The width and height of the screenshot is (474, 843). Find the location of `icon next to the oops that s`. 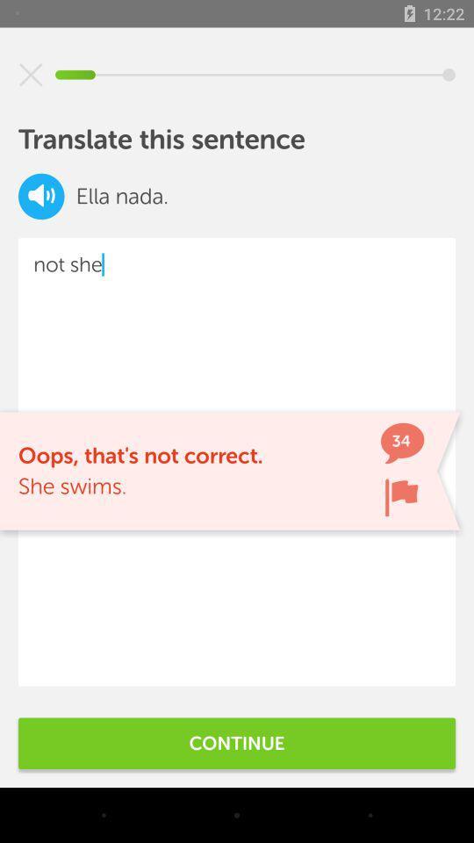

icon next to the oops that s is located at coordinates (401, 497).